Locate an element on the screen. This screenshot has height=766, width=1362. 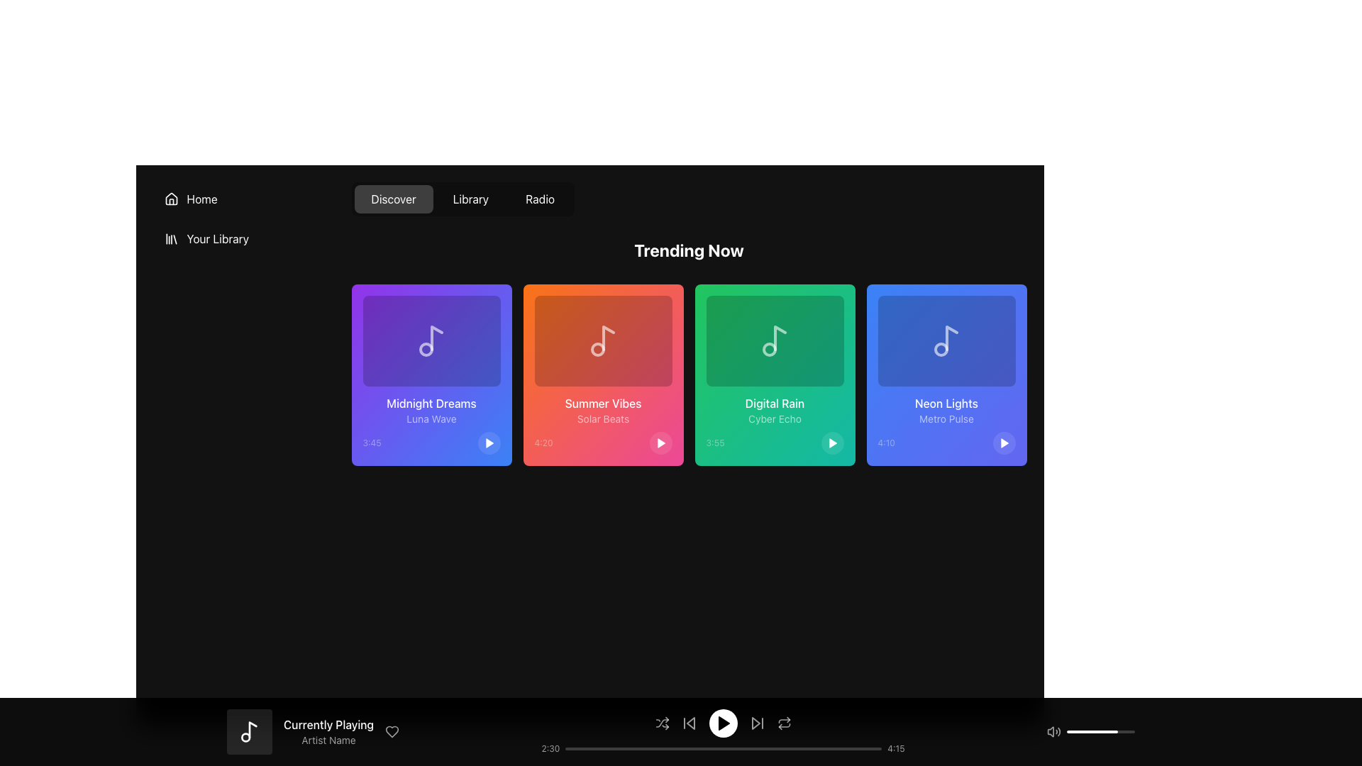
the 'Home' and 'Your Library' options in the Navigation sidebar is located at coordinates (243, 323).